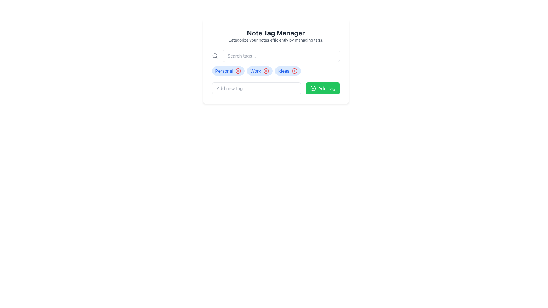 This screenshot has height=308, width=548. What do you see at coordinates (276, 33) in the screenshot?
I see `the header title 'Note Tag Manager' which indicates the feature of the tag management interface` at bounding box center [276, 33].